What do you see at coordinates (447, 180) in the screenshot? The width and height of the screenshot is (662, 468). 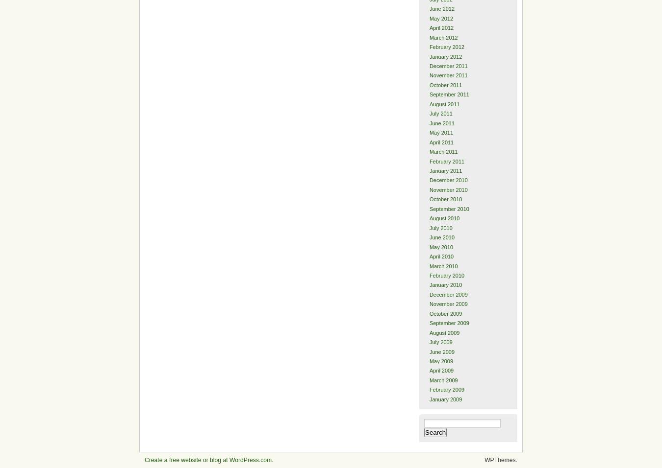 I see `'December 2010'` at bounding box center [447, 180].